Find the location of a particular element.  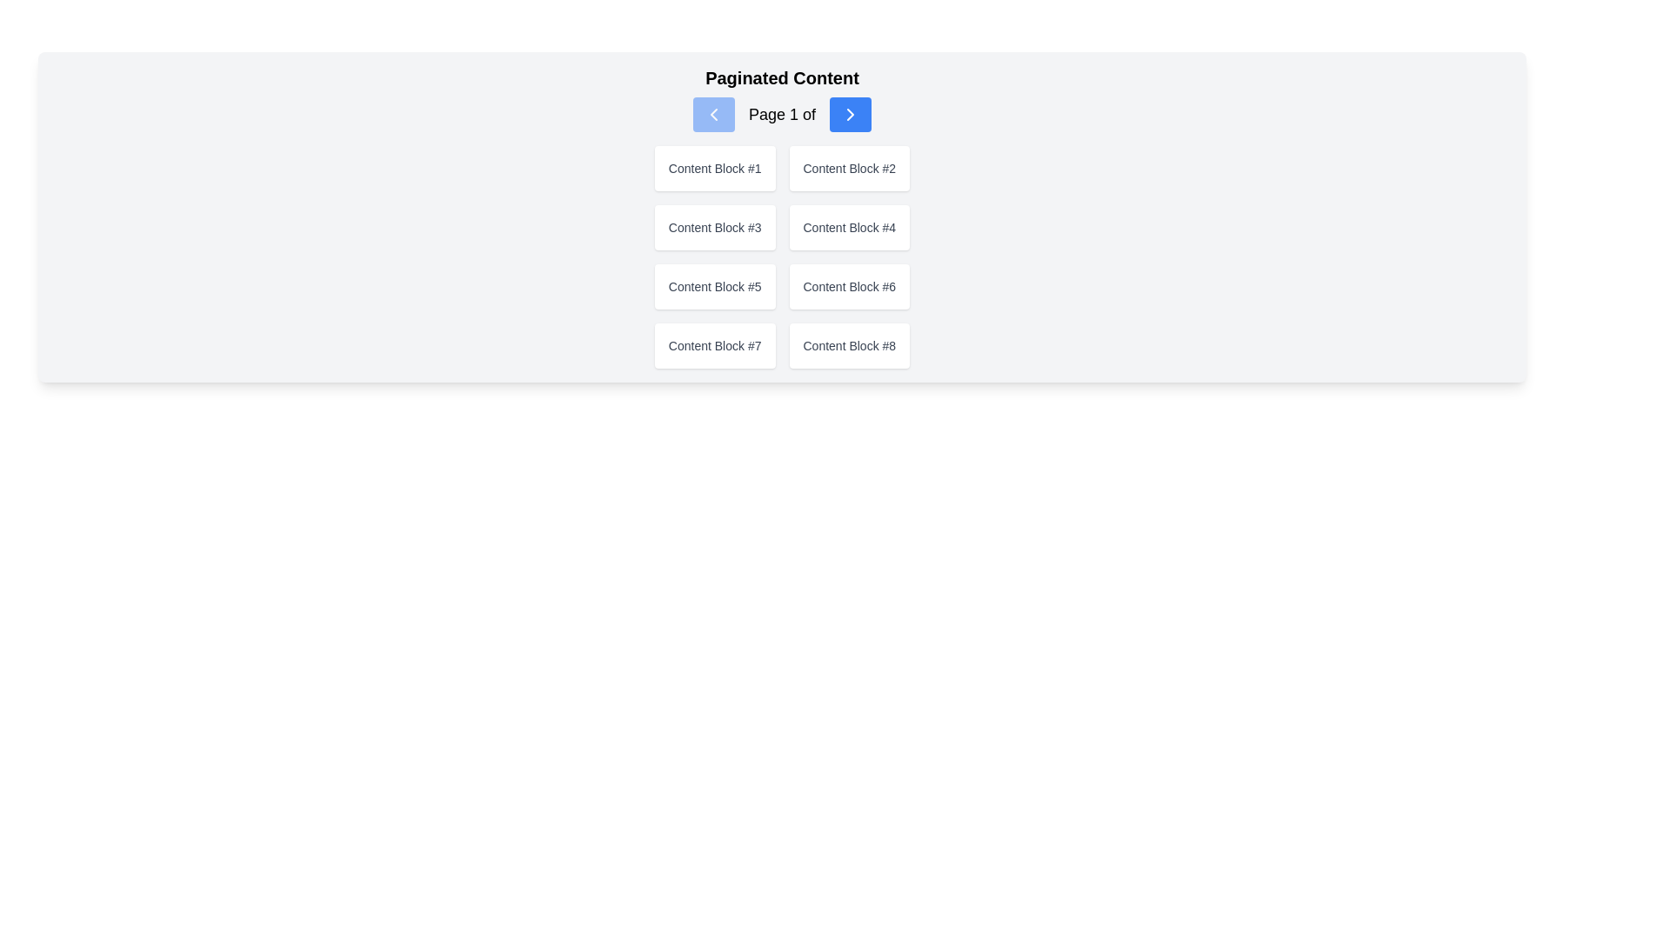

the text label 'Content Block #3' which is styled with a smaller font size and gray color, located in the top-left region of a grid layout in the second row and first column is located at coordinates (715, 227).